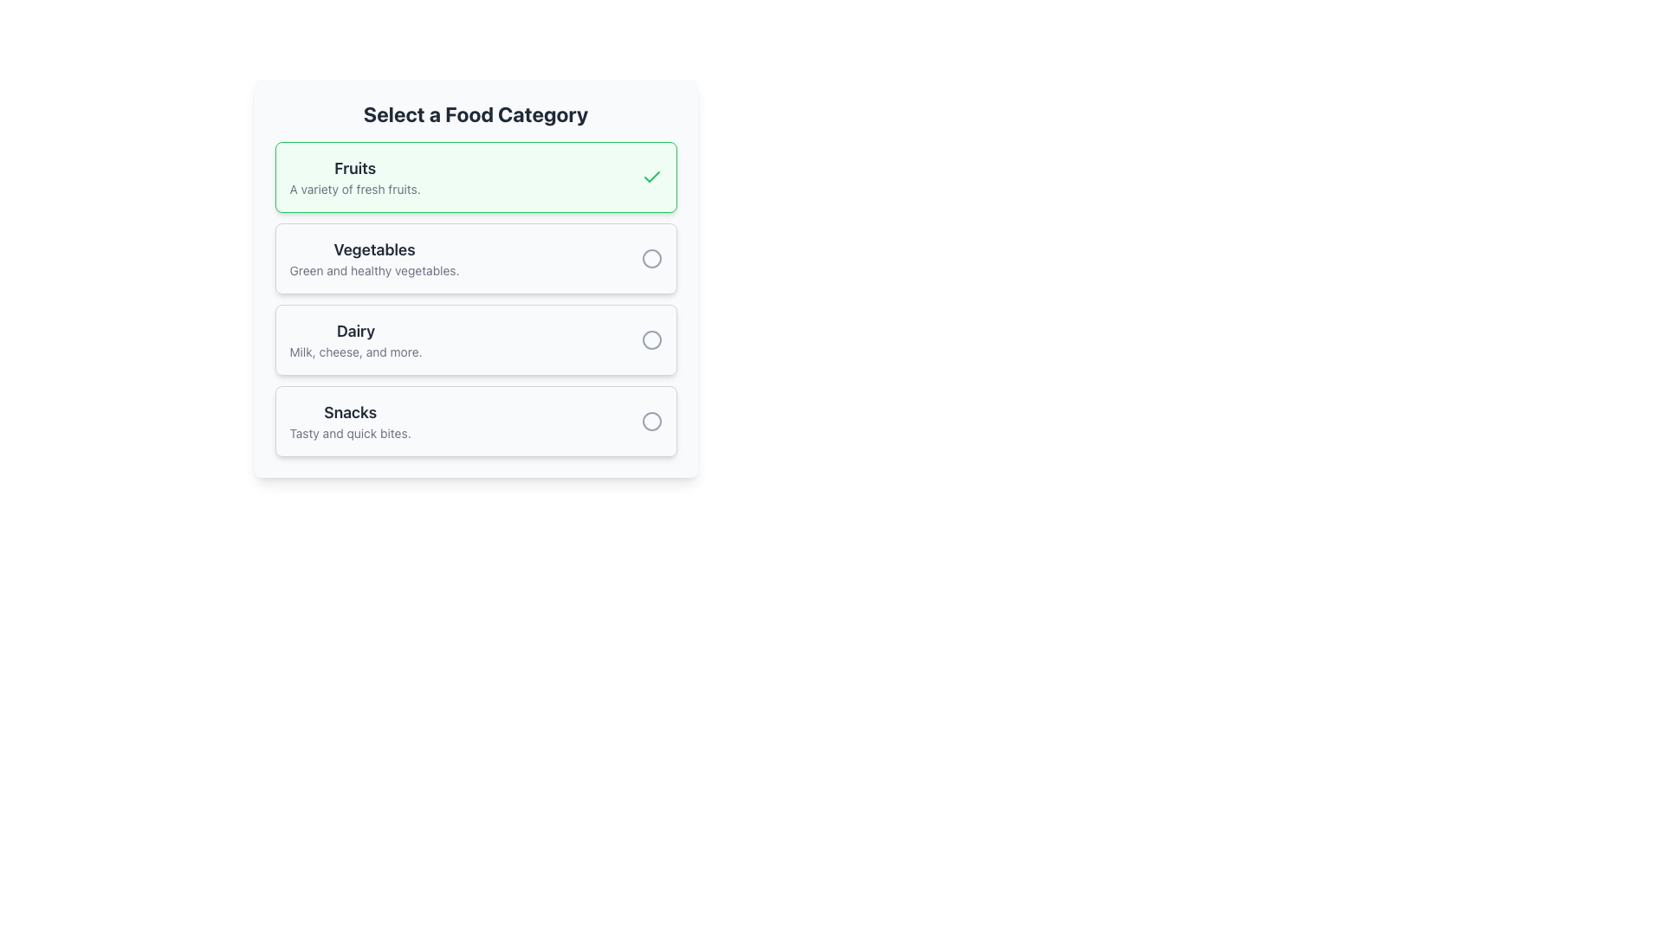 This screenshot has height=935, width=1663. I want to click on the text label displaying 'Milk, cheese, and more.' located directly below the 'Dairy' heading in the food categories section, so click(355, 351).